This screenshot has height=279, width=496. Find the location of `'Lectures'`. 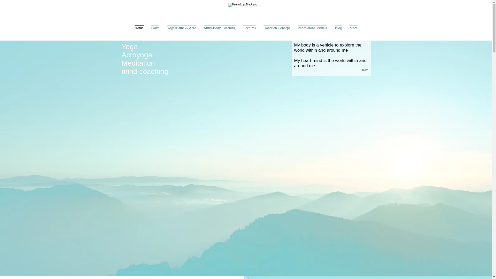

'Lectures' is located at coordinates (249, 32).